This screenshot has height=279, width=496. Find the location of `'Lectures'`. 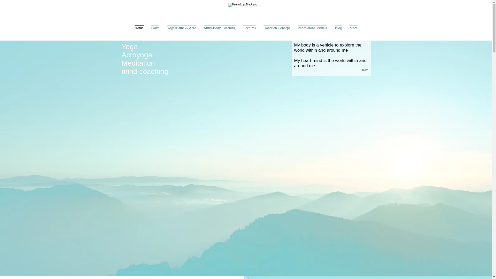

'Lectures' is located at coordinates (249, 32).